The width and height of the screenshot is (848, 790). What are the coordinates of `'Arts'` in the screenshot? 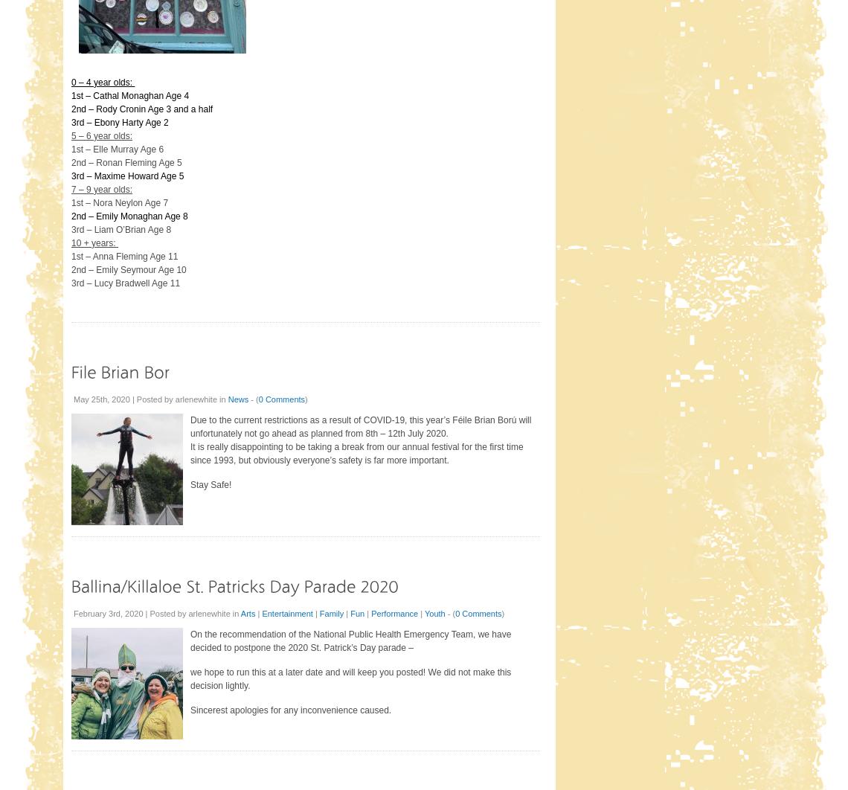 It's located at (247, 612).